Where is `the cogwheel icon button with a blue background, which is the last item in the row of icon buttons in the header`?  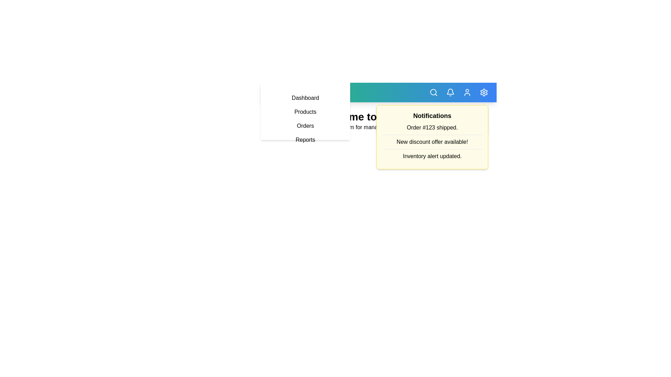 the cogwheel icon button with a blue background, which is the last item in the row of icon buttons in the header is located at coordinates (484, 92).